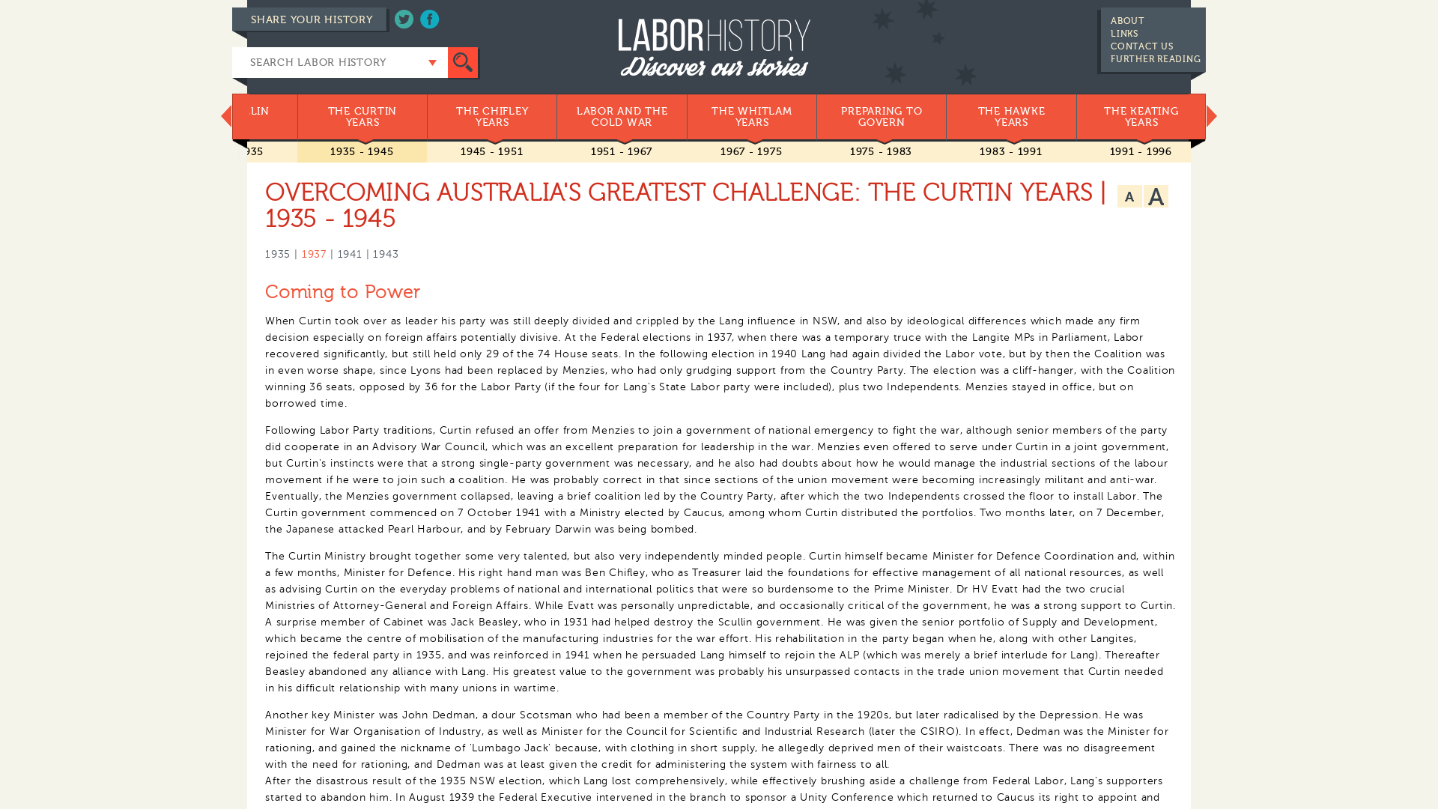 The image size is (1438, 809). Describe the element at coordinates (491, 117) in the screenshot. I see `'THE CHIFLEY YEARS'` at that location.